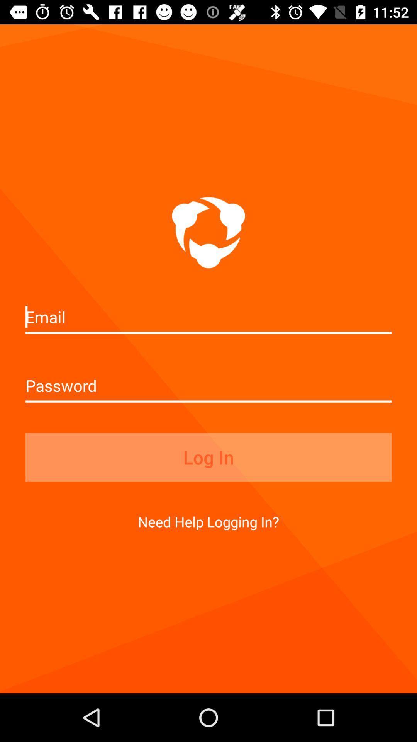  I want to click on need help logging item, so click(208, 521).